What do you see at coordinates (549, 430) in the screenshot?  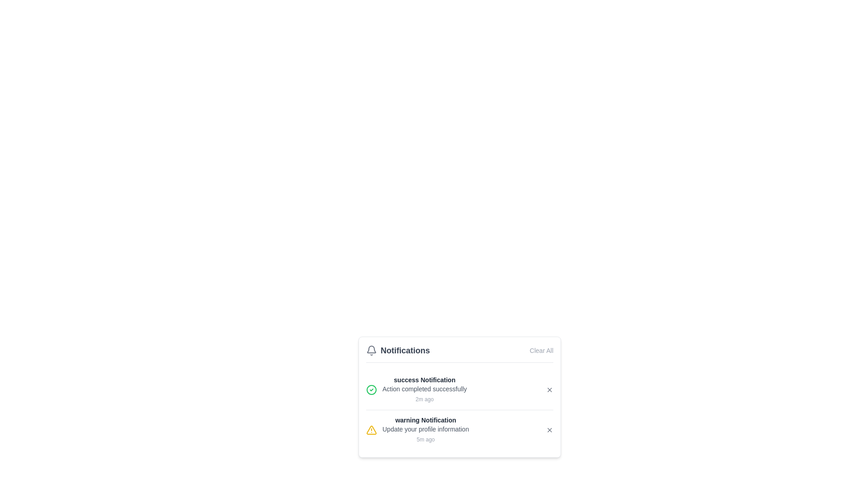 I see `the Close Button (Interactive Icon)` at bounding box center [549, 430].